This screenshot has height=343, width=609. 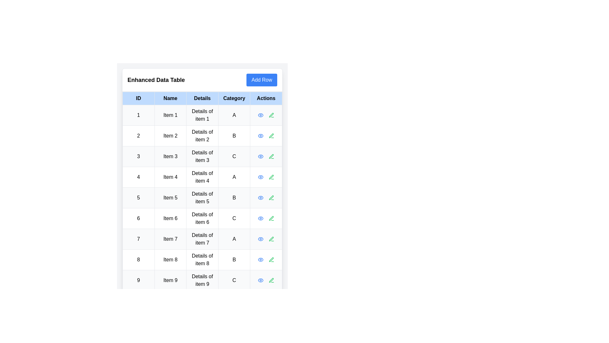 I want to click on the pen icon button located in the 'Actions' column of the second row of the 'Enhanced Data Table', so click(x=272, y=136).